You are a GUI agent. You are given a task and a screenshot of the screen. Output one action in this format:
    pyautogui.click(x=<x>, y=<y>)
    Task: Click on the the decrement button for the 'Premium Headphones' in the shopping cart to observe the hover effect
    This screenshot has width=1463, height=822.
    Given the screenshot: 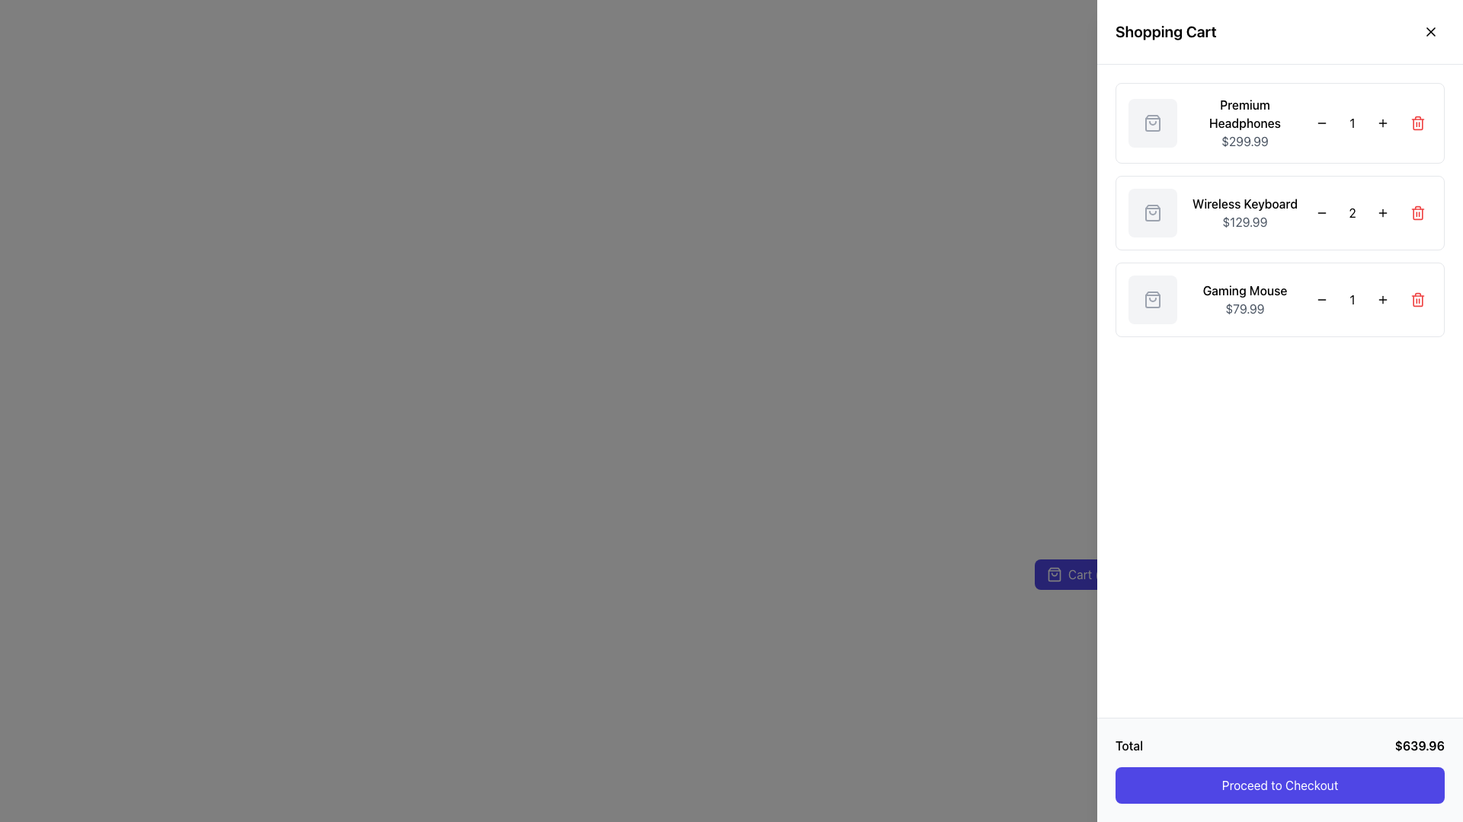 What is the action you would take?
    pyautogui.click(x=1321, y=123)
    